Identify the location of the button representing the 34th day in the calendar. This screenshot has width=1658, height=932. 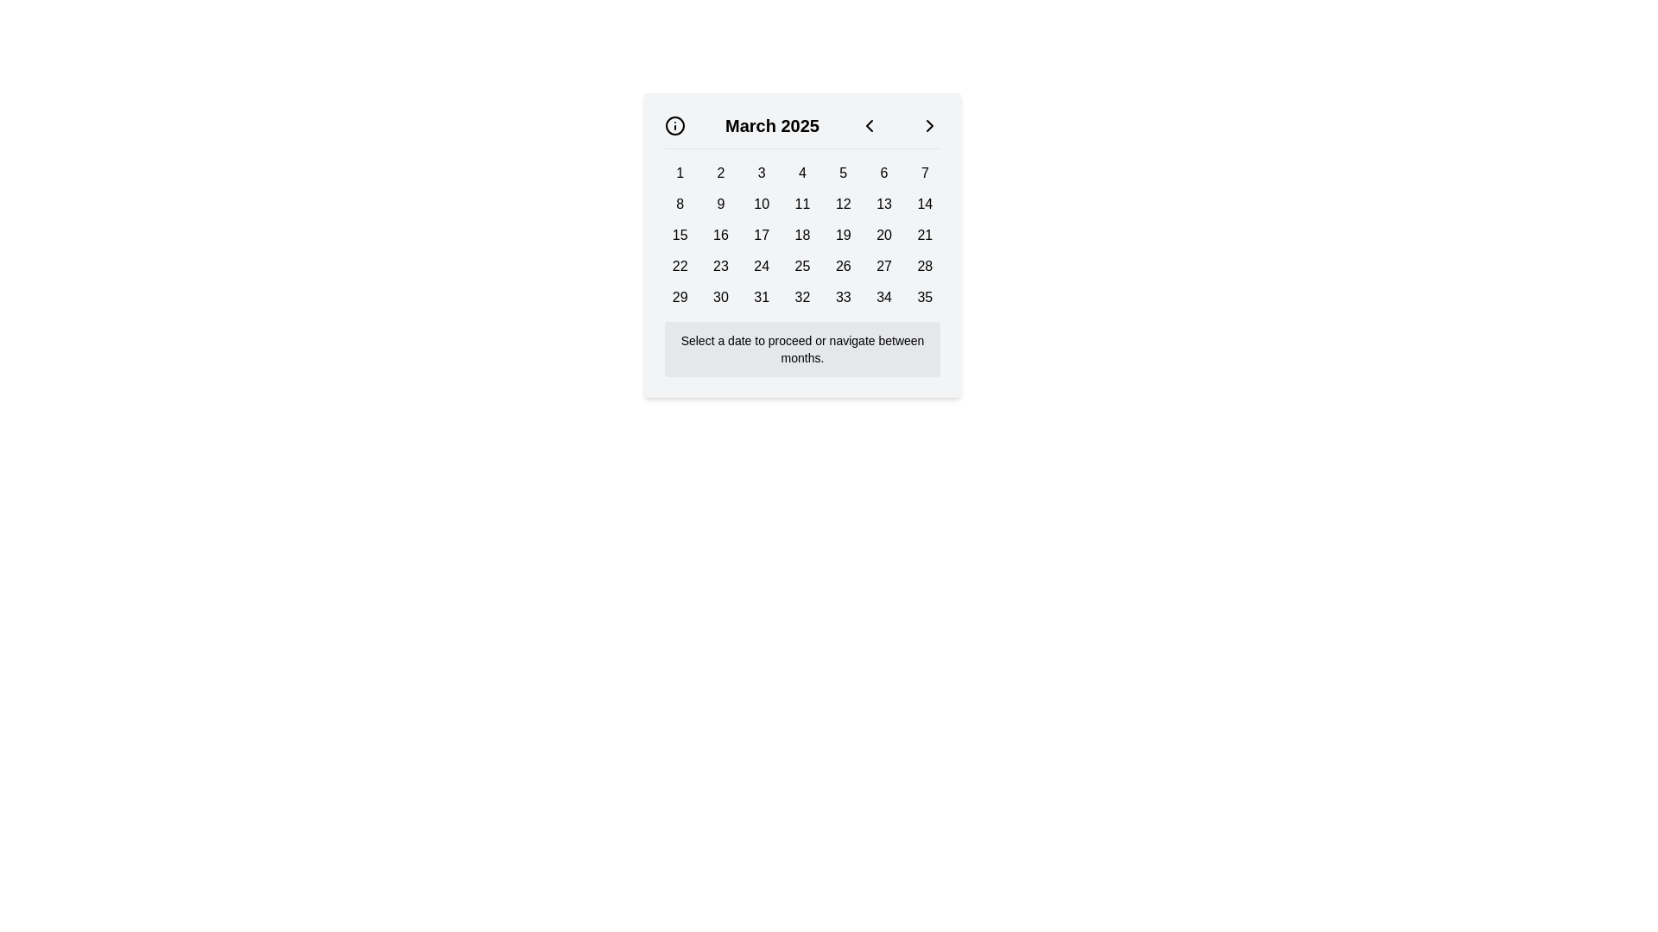
(884, 296).